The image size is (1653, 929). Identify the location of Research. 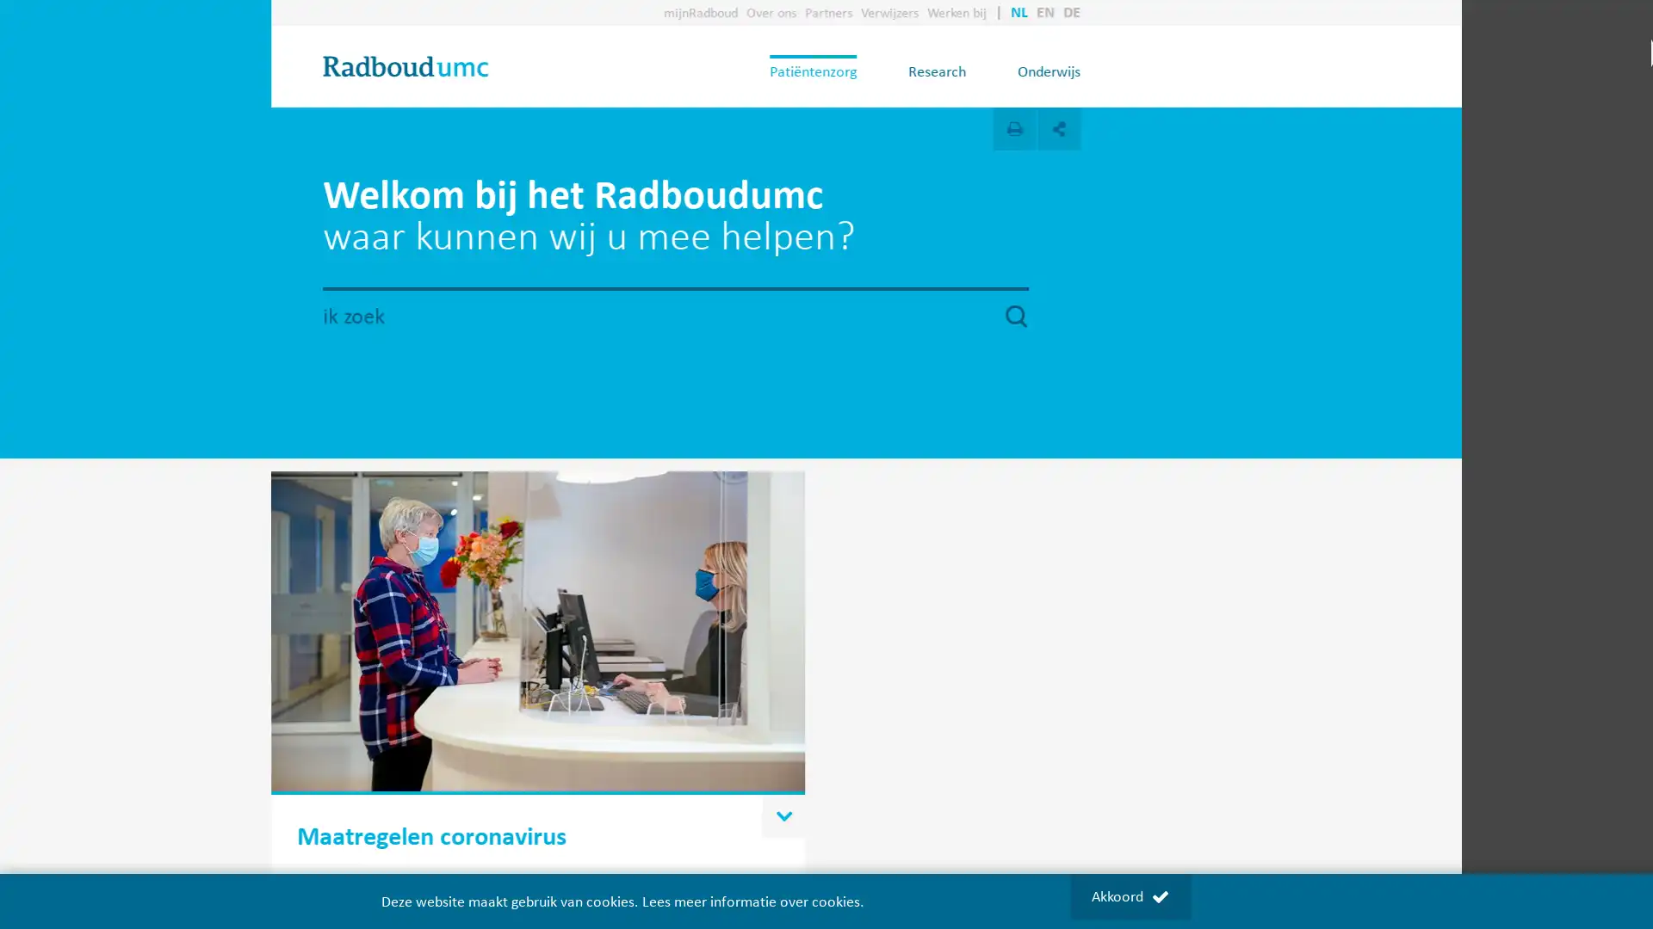
(1046, 71).